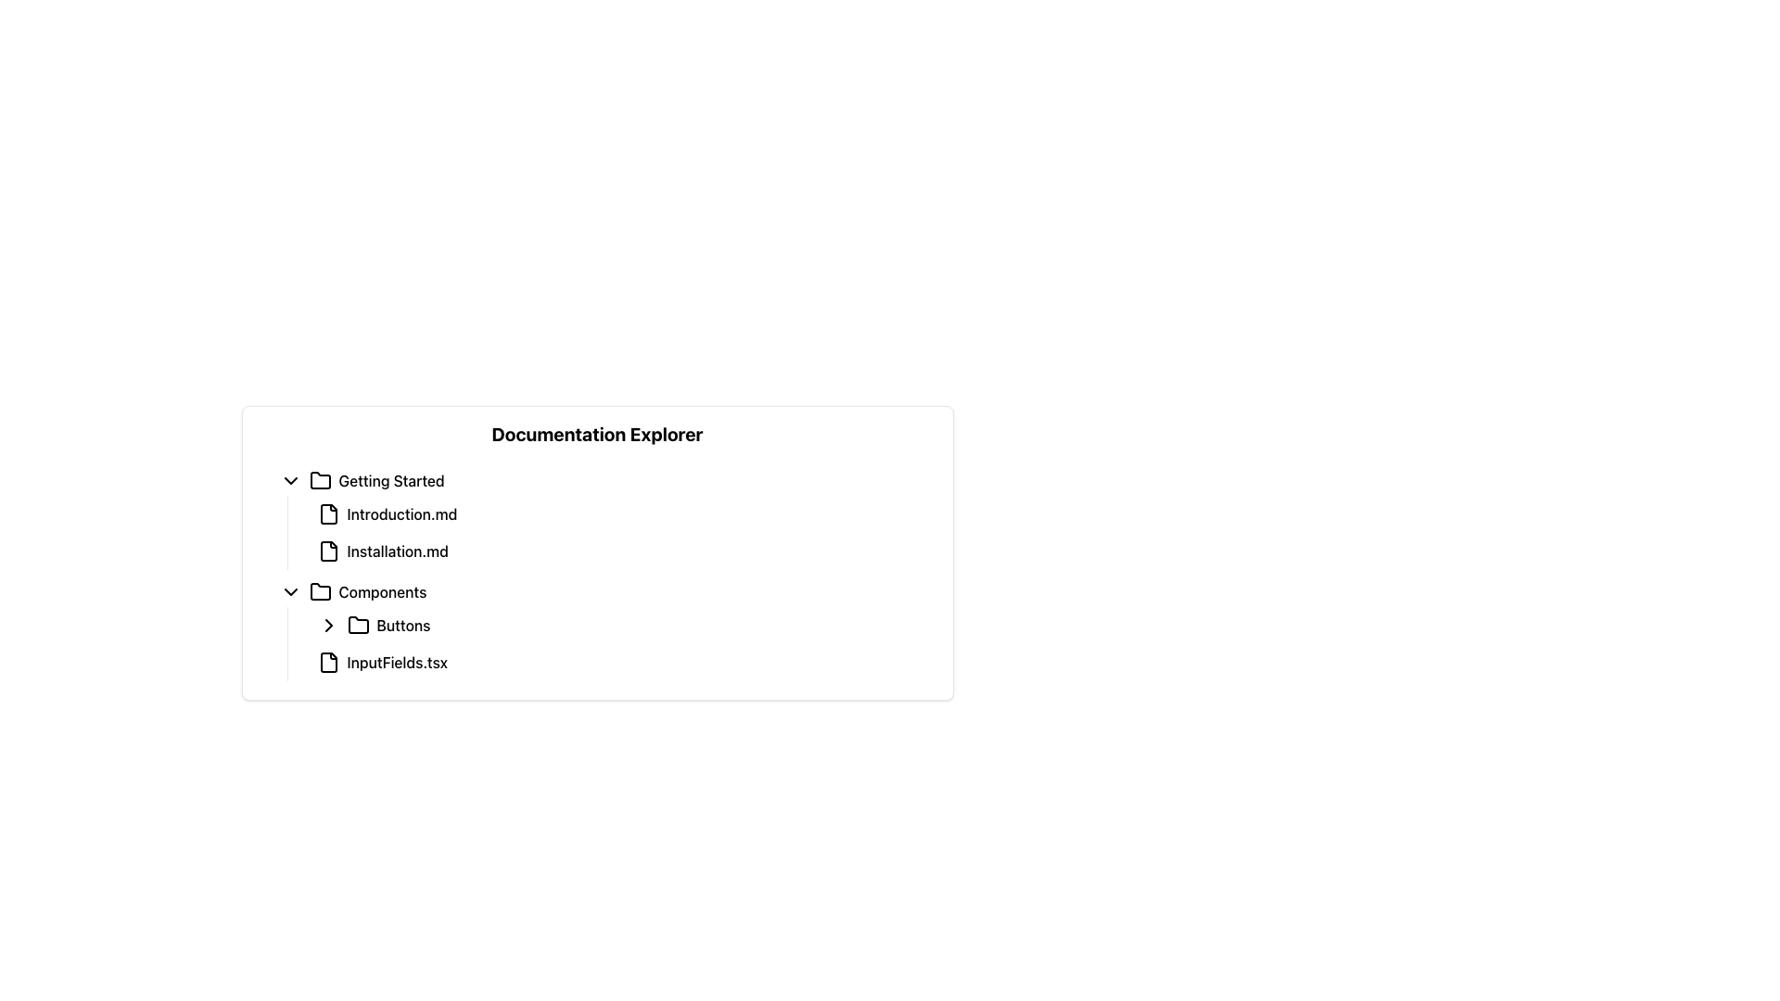 The image size is (1780, 1001). I want to click on the 'InputFields.tsx' text in the file entry of the 'Components > Buttons' section in the 'Documentation Explorer', so click(381, 661).